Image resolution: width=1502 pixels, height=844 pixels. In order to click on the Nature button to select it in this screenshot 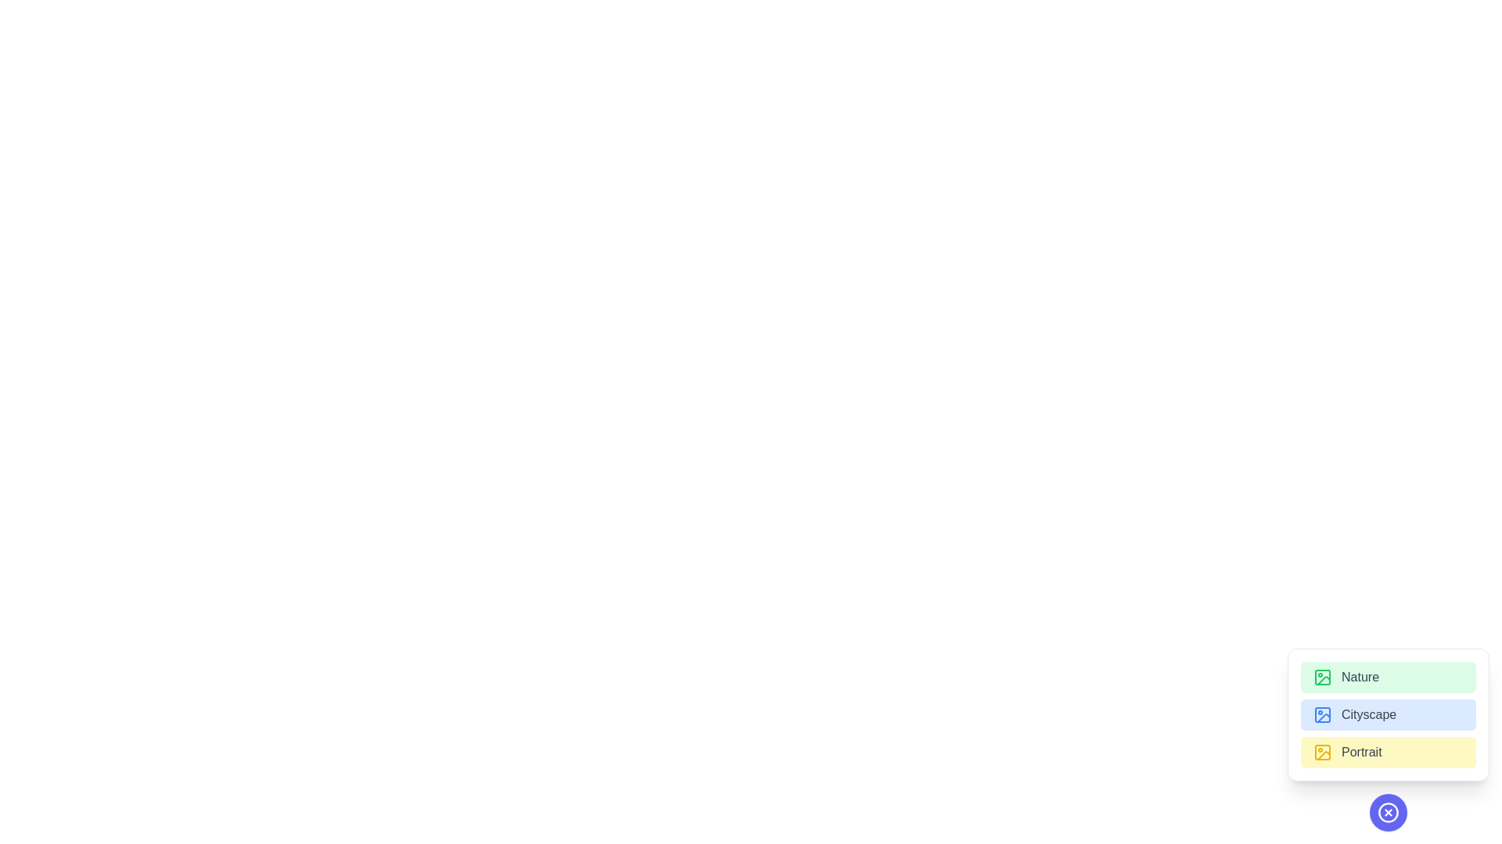, I will do `click(1389, 677)`.